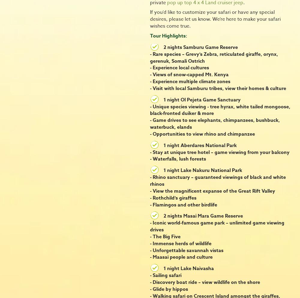 The width and height of the screenshot is (300, 298). What do you see at coordinates (217, 181) in the screenshot?
I see `'- Rhino sanctuary – guaranteed viewings of black and white rhinos'` at bounding box center [217, 181].